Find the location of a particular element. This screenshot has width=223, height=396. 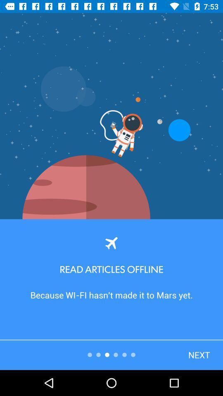

next is located at coordinates (185, 339).